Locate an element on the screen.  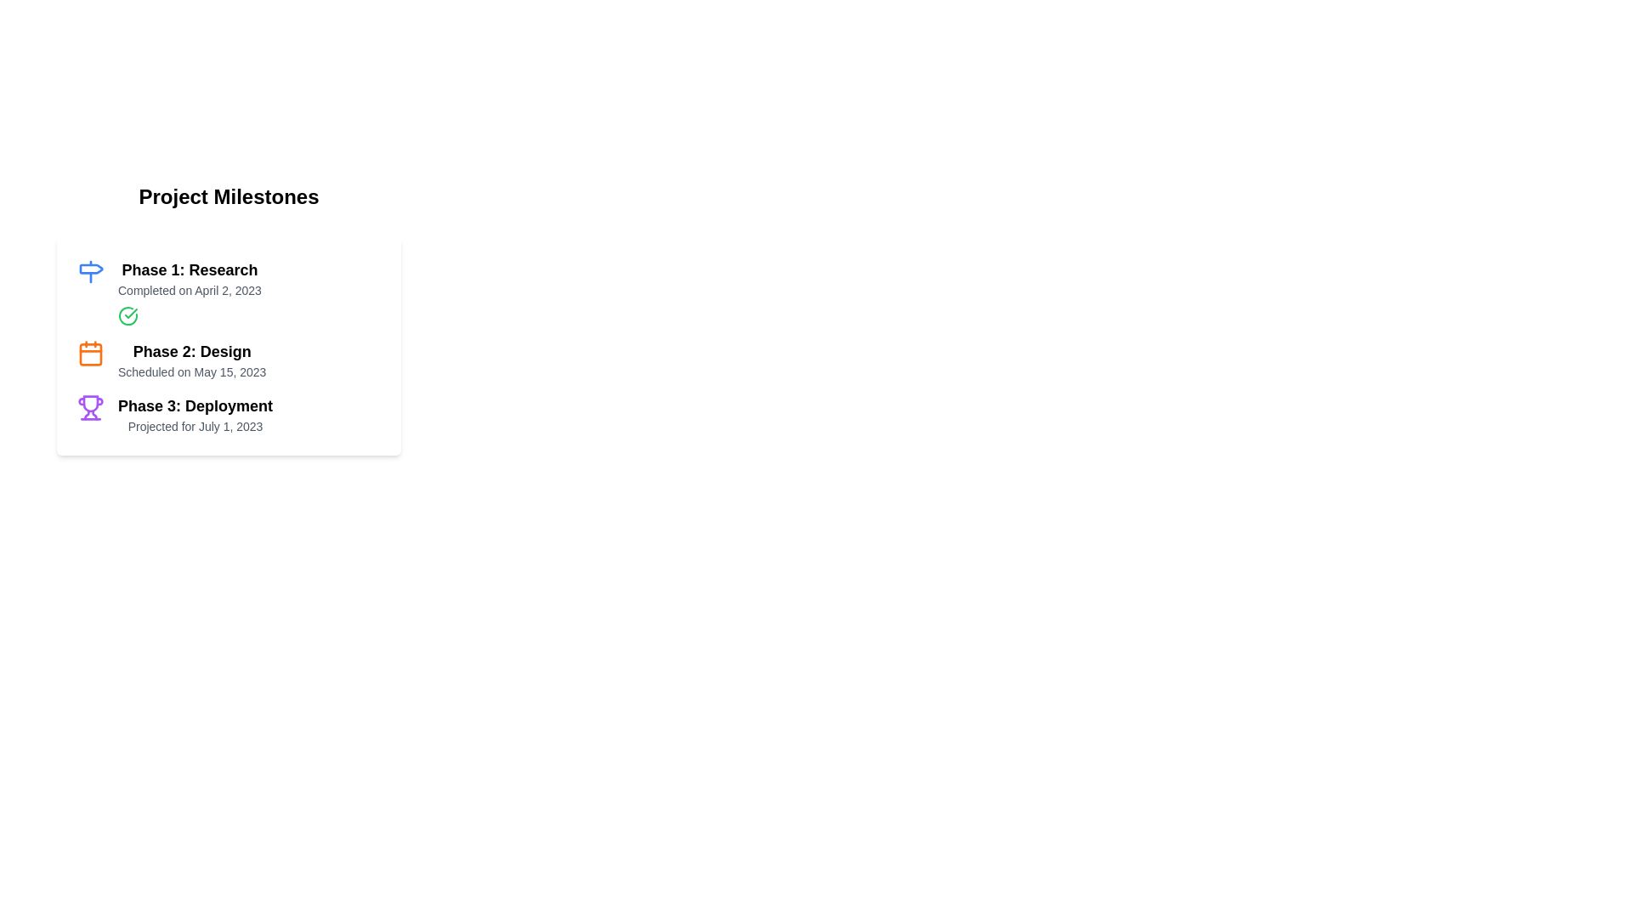
the calendar icon part, which is a rectangular shape with rounded corners and an orange border, associated with the text 'Phase 2: Design' is located at coordinates (89, 353).